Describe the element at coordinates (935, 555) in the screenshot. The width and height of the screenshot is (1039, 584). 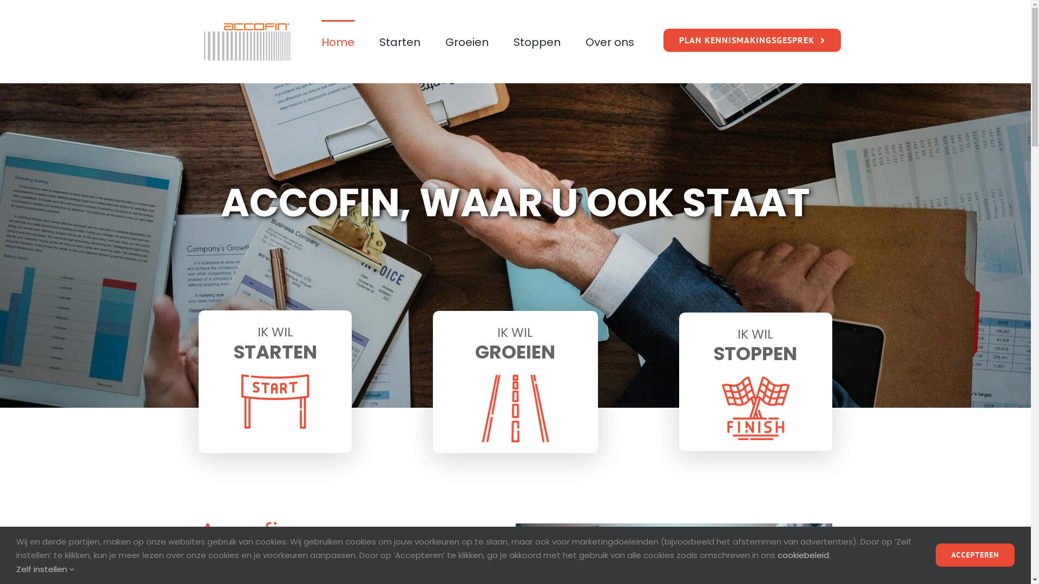
I see `'ACCEPTEREN'` at that location.